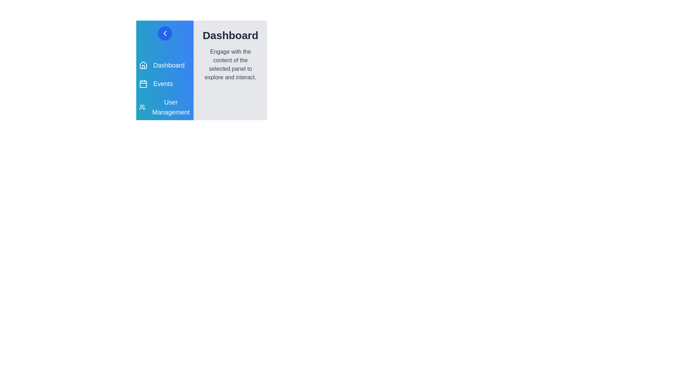 The image size is (683, 384). Describe the element at coordinates (143, 83) in the screenshot. I see `the icon corresponding to Events` at that location.